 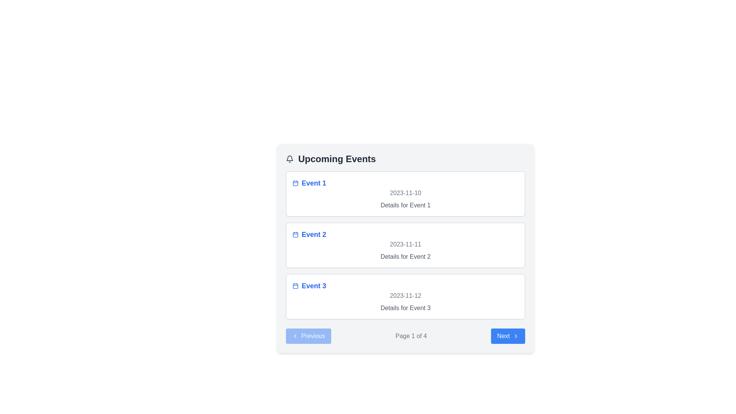 What do you see at coordinates (405, 307) in the screenshot?
I see `text display located at the bottom of the card labeled 'Event 3', which provides additional information about the event` at bounding box center [405, 307].